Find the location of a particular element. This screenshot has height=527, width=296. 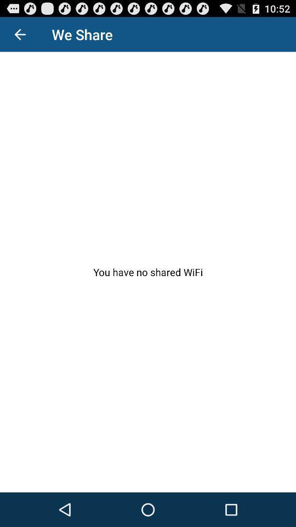

the icon next to the we share item is located at coordinates (20, 34).